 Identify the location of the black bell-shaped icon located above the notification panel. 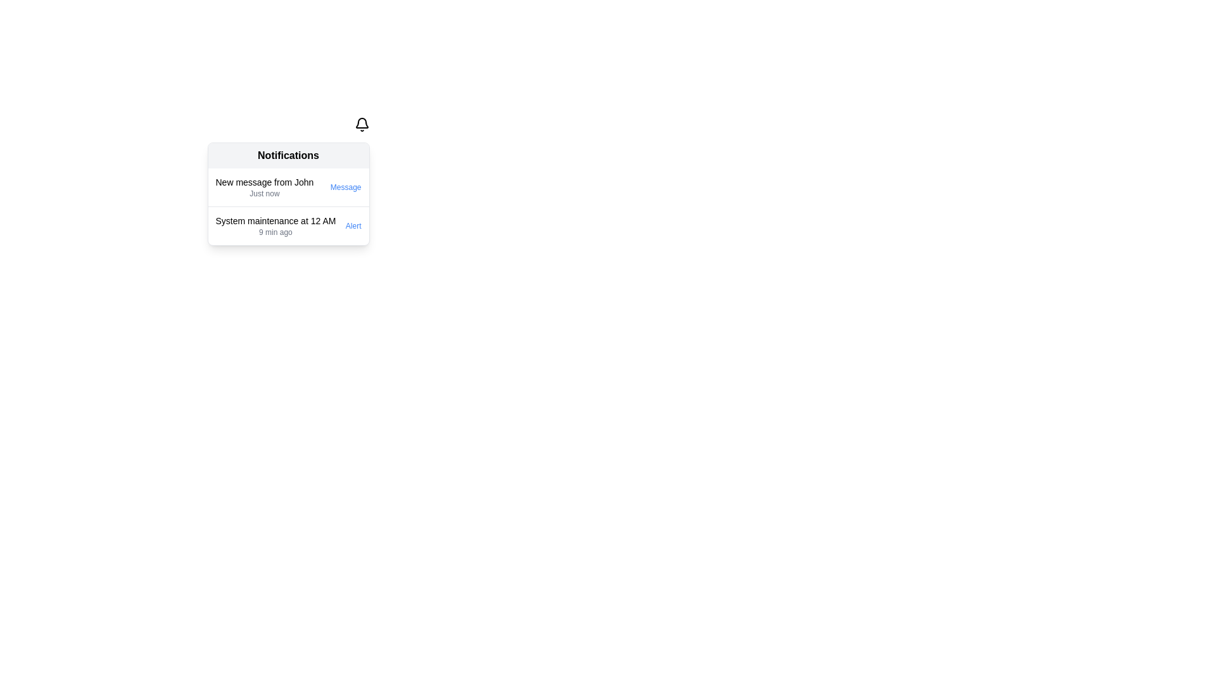
(361, 124).